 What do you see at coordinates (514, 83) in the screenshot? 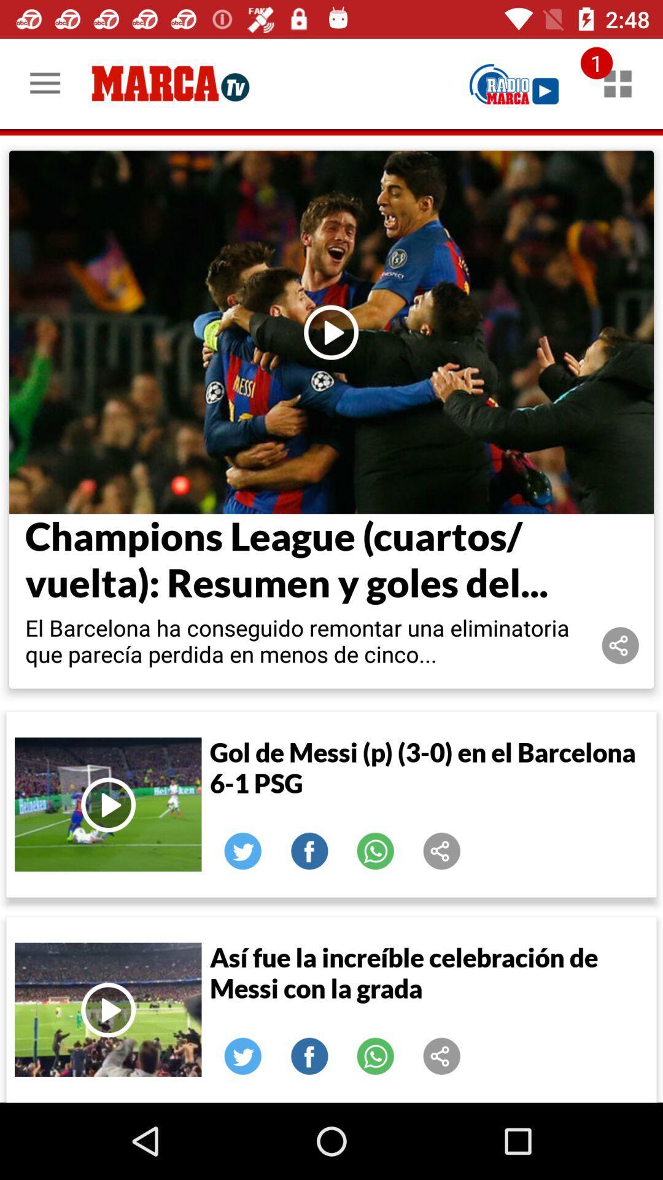
I see `radio marca` at bounding box center [514, 83].